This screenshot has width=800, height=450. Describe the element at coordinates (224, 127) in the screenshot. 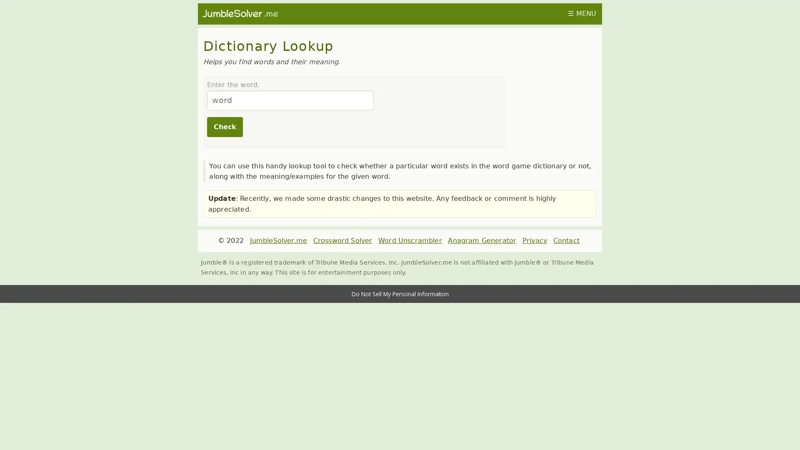

I see `Check` at that location.